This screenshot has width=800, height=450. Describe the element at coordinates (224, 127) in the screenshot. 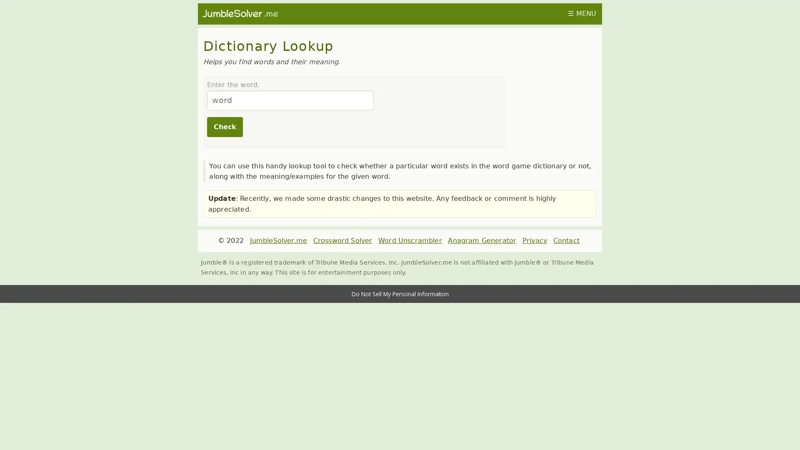

I see `Check` at that location.